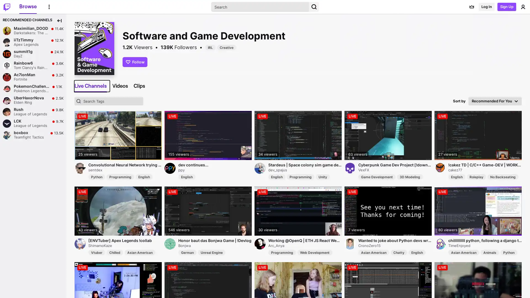  Describe the element at coordinates (507, 7) in the screenshot. I see `Sign Up` at that location.